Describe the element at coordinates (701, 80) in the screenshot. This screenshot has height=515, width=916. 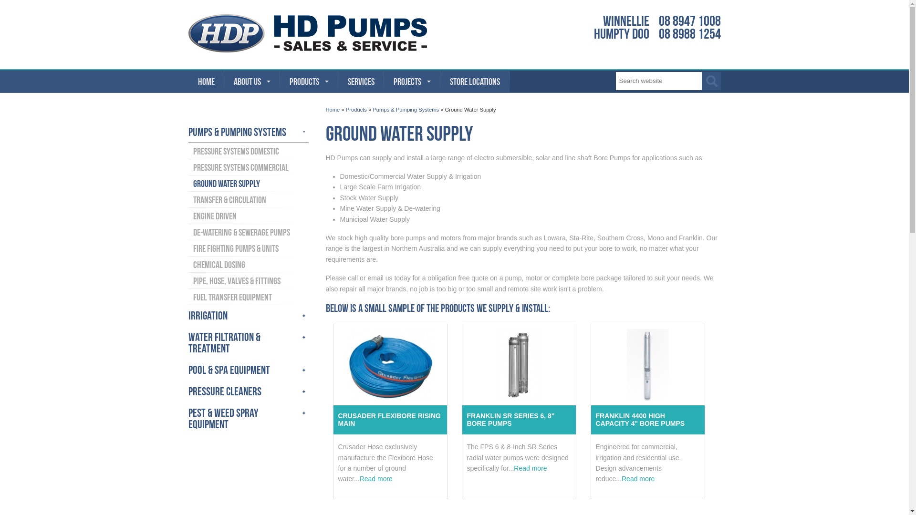
I see `'Search'` at that location.